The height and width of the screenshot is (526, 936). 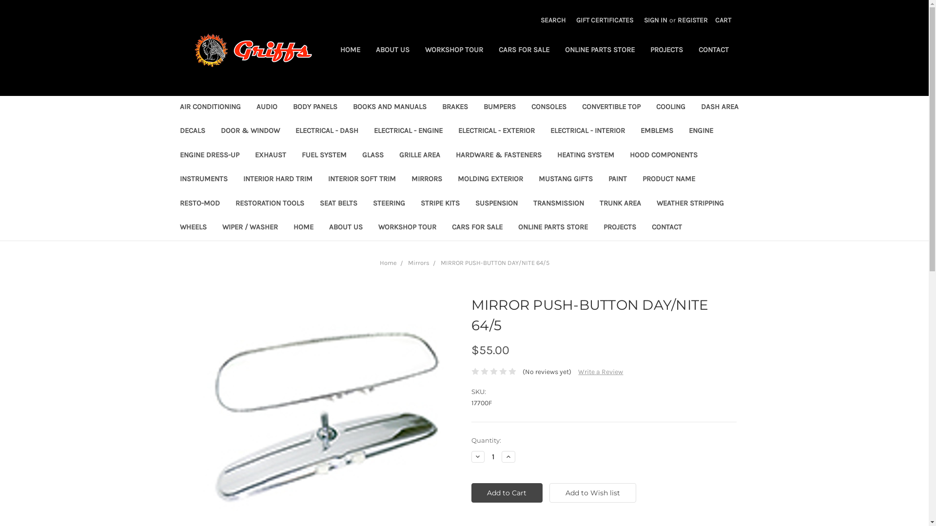 What do you see at coordinates (454, 108) in the screenshot?
I see `'BRAKES'` at bounding box center [454, 108].